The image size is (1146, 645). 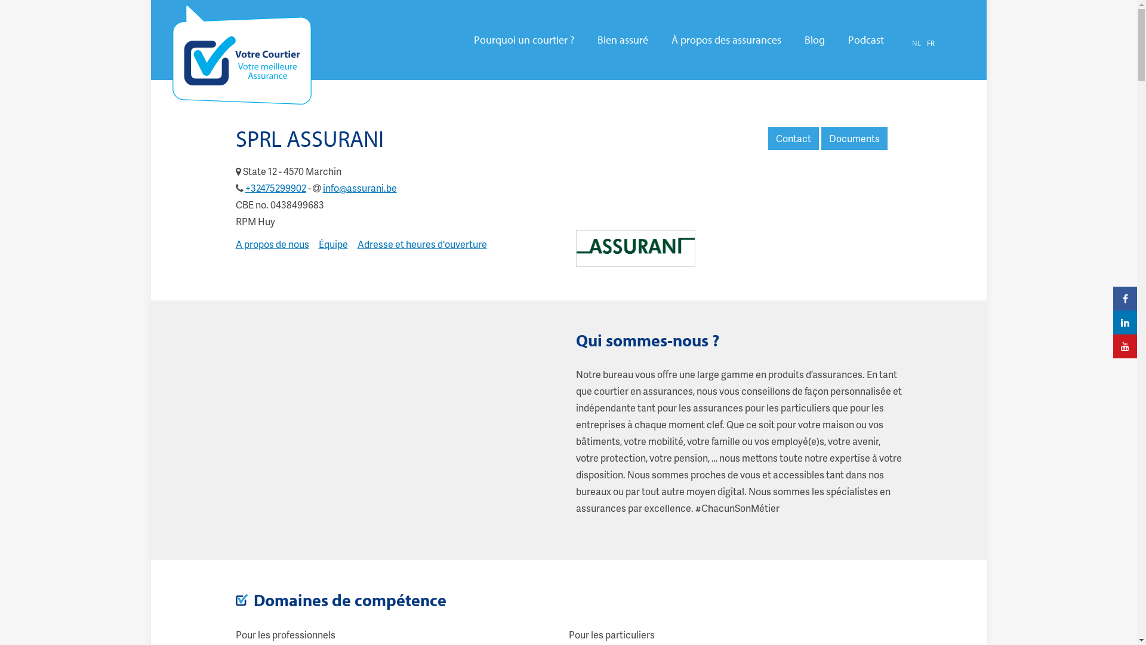 What do you see at coordinates (929, 42) in the screenshot?
I see `'FR'` at bounding box center [929, 42].